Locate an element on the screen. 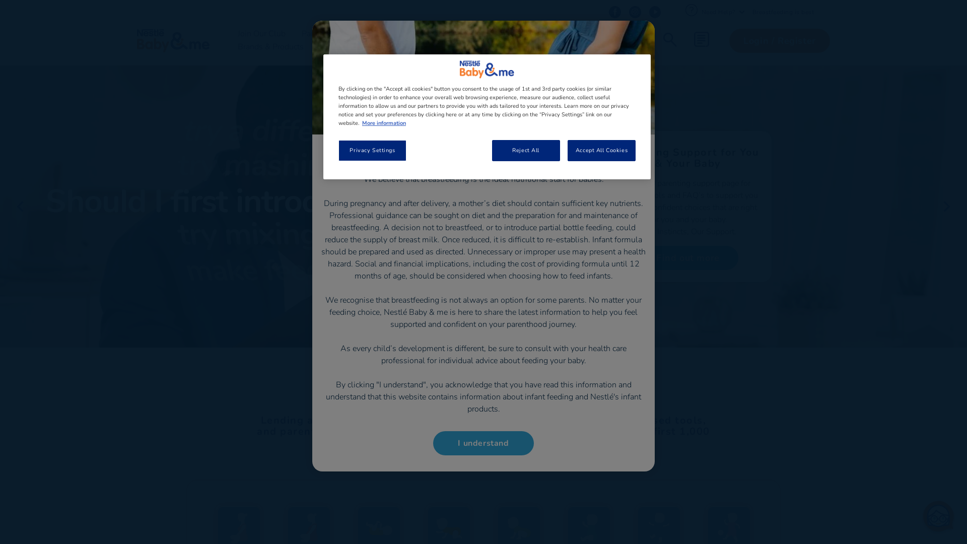 This screenshot has height=544, width=967. 'Privacy Settings' is located at coordinates (372, 151).